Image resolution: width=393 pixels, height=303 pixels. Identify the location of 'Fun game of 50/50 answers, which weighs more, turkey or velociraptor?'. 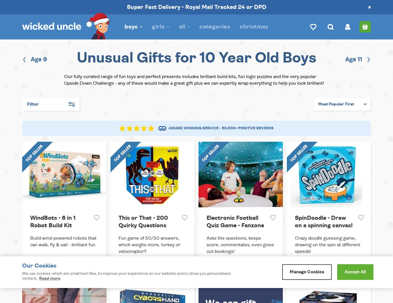
(149, 244).